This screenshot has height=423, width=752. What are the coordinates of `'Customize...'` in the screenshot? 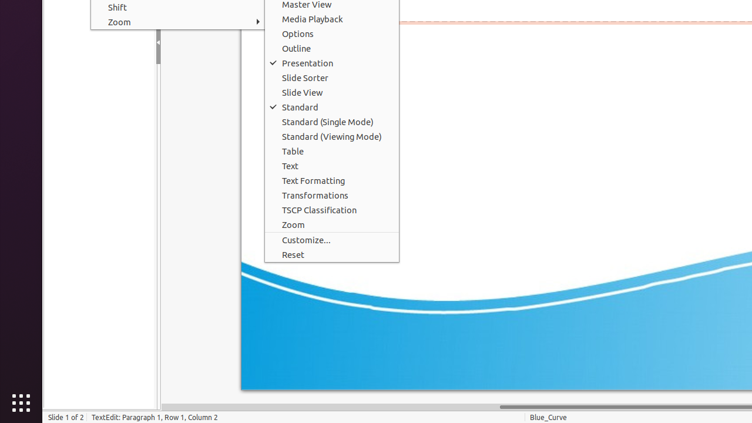 It's located at (331, 239).